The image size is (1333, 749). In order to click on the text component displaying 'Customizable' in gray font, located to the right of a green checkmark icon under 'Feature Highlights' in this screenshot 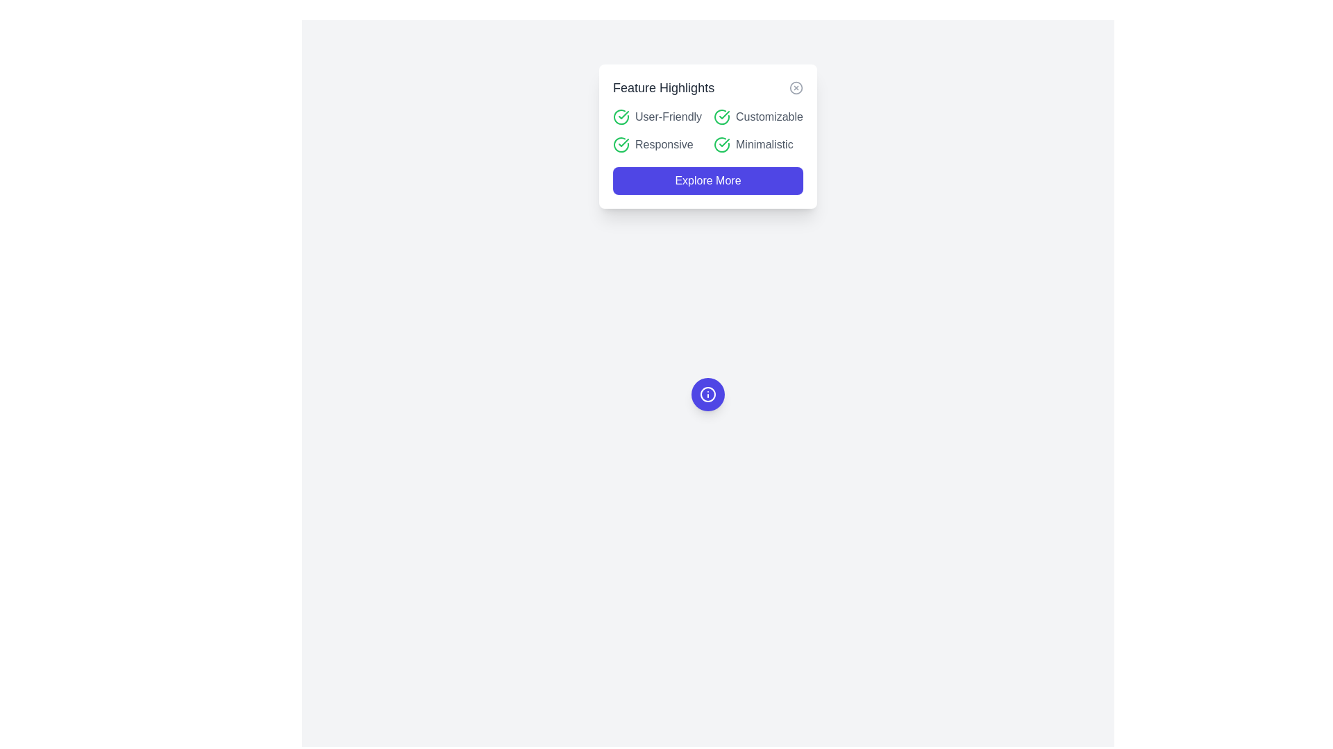, I will do `click(769, 117)`.